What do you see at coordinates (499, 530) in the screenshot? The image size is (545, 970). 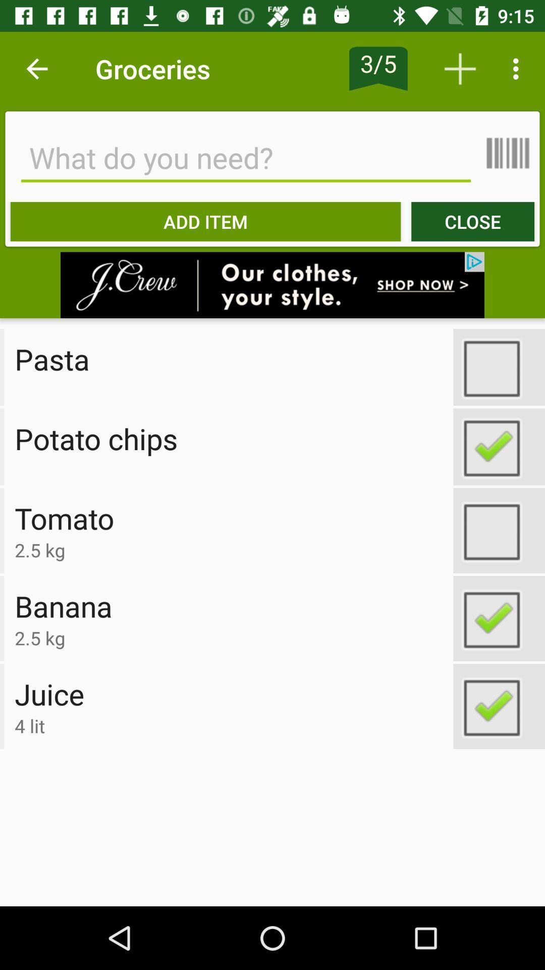 I see `option` at bounding box center [499, 530].